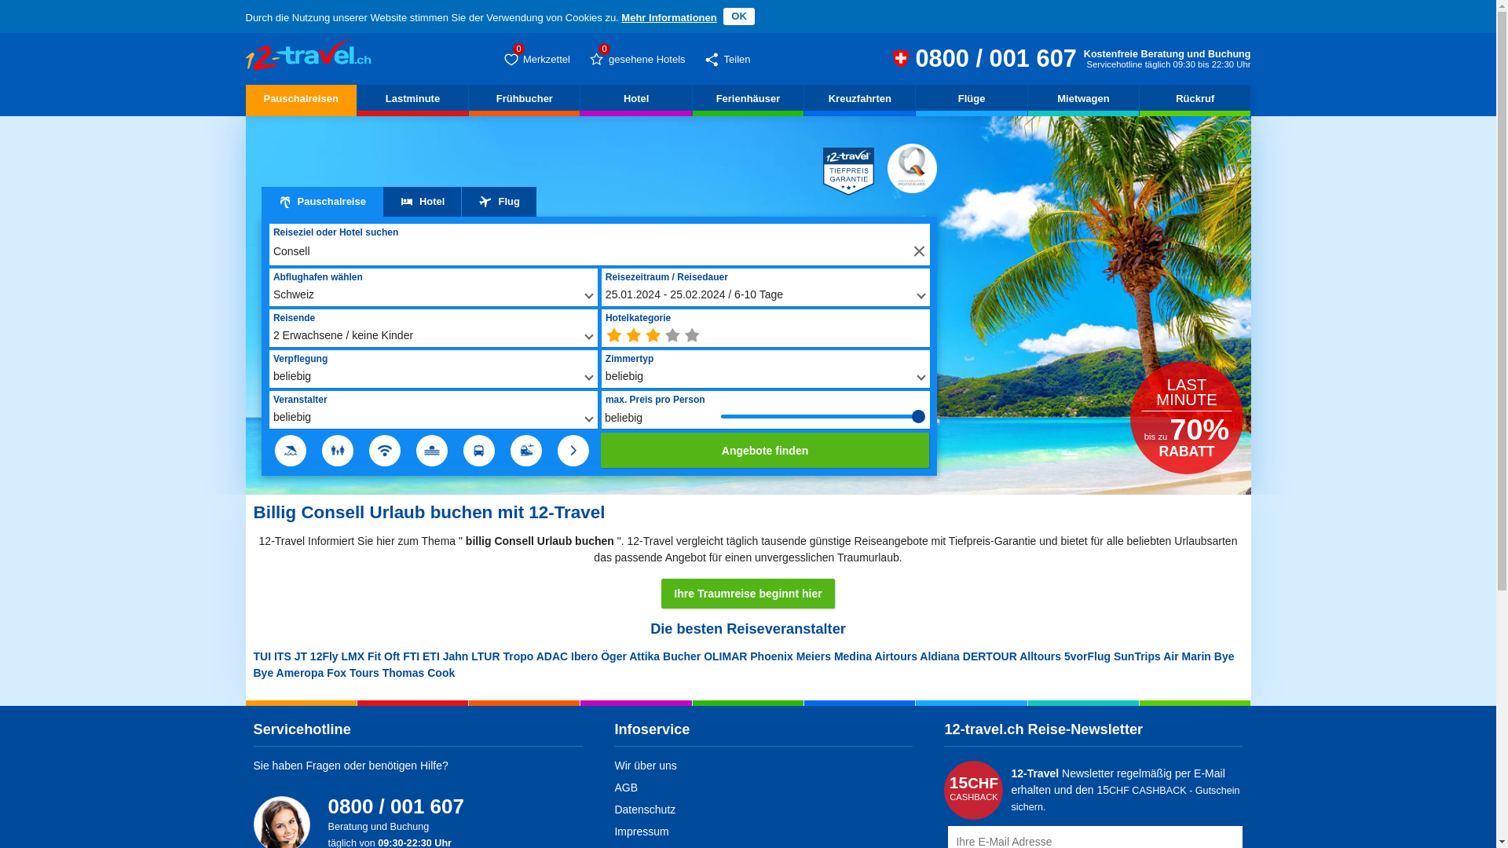 The height and width of the screenshot is (848, 1508). What do you see at coordinates (412, 100) in the screenshot?
I see `'Lastminute'` at bounding box center [412, 100].